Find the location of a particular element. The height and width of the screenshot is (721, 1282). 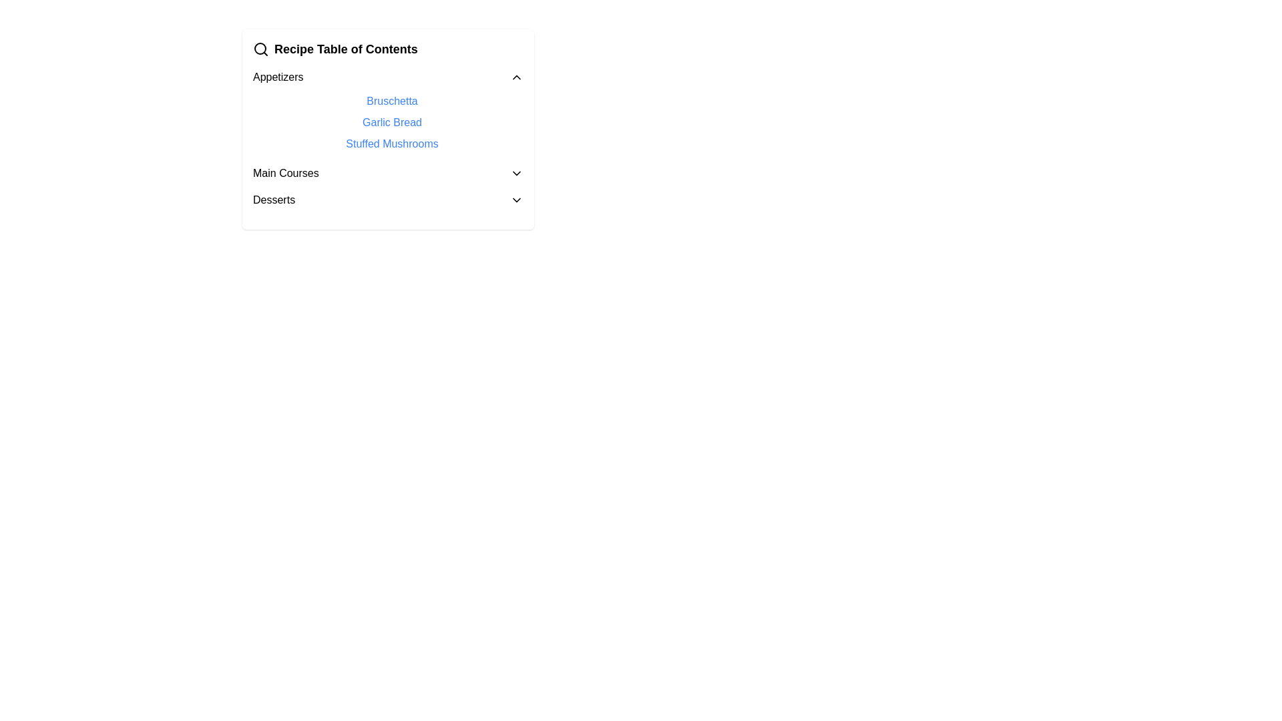

the second text link under the 'Appetizers' category in the 'Recipe Table of Contents' menu is located at coordinates (393, 123).